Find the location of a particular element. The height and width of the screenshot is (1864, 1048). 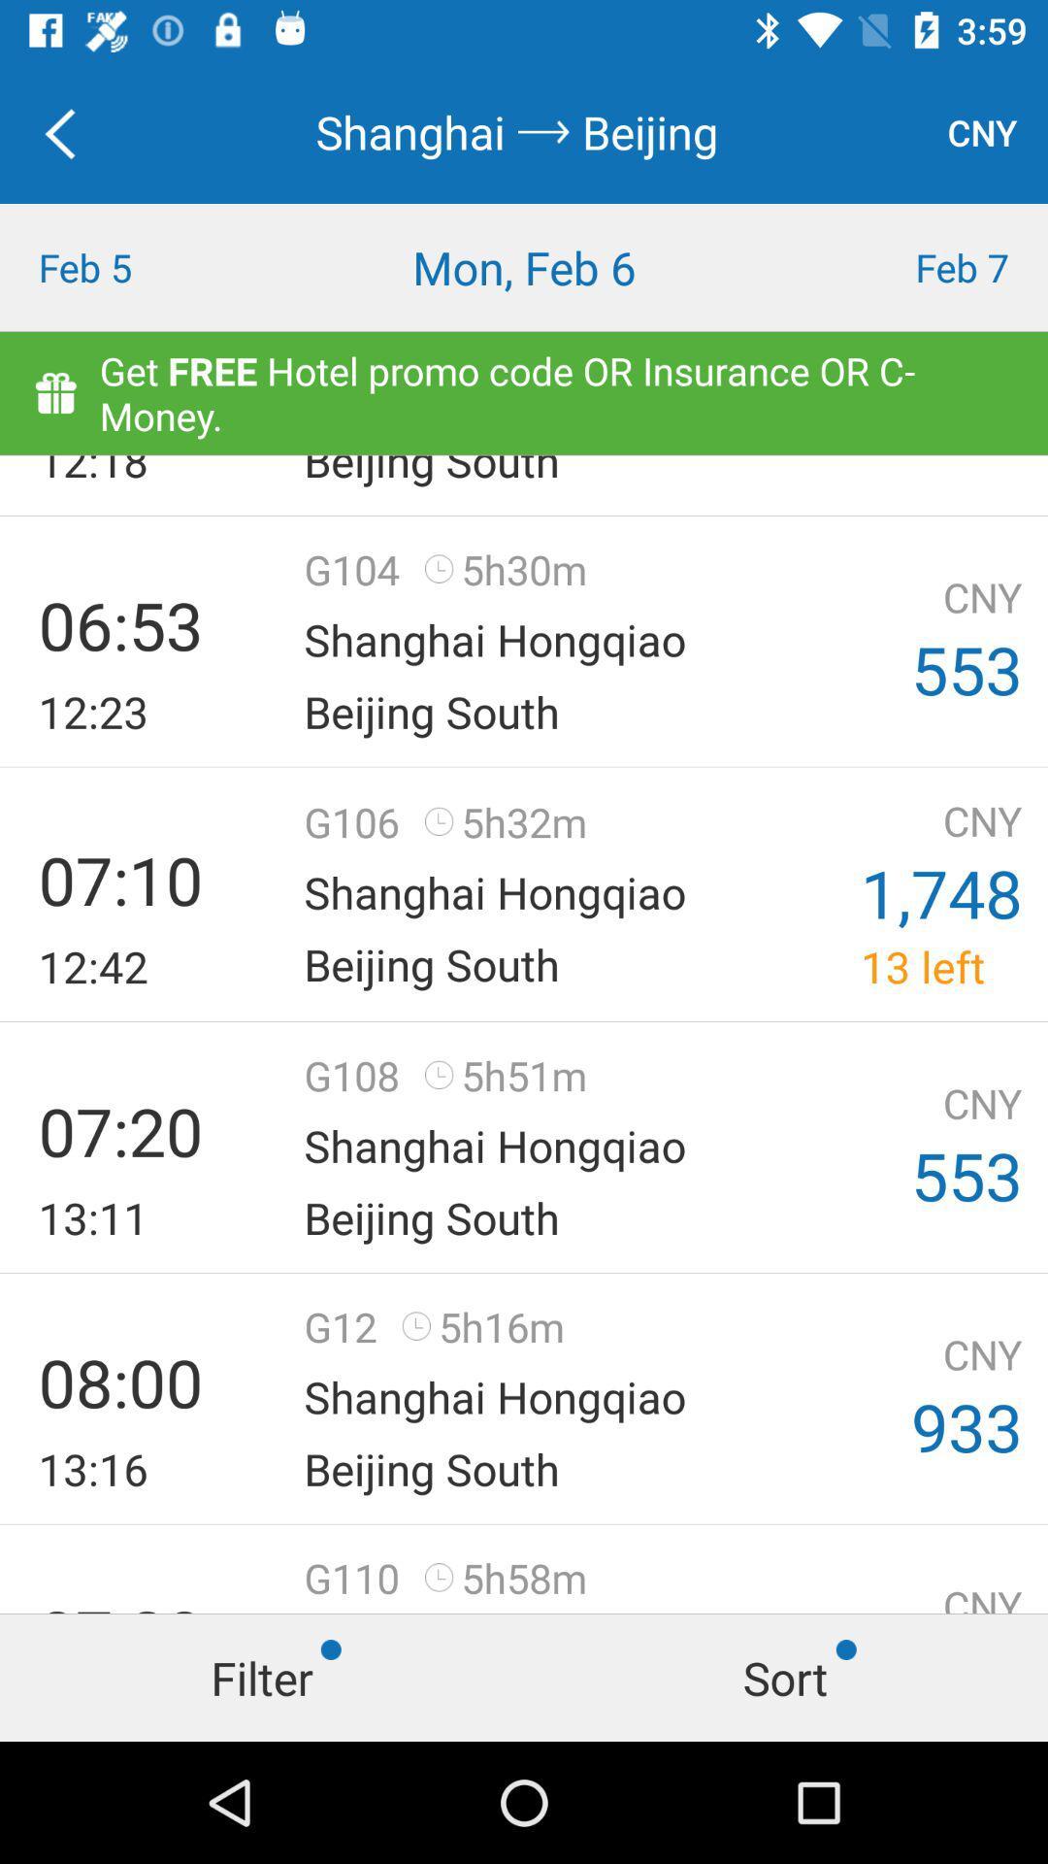

icon next to the feb 7 icon is located at coordinates (524, 266).